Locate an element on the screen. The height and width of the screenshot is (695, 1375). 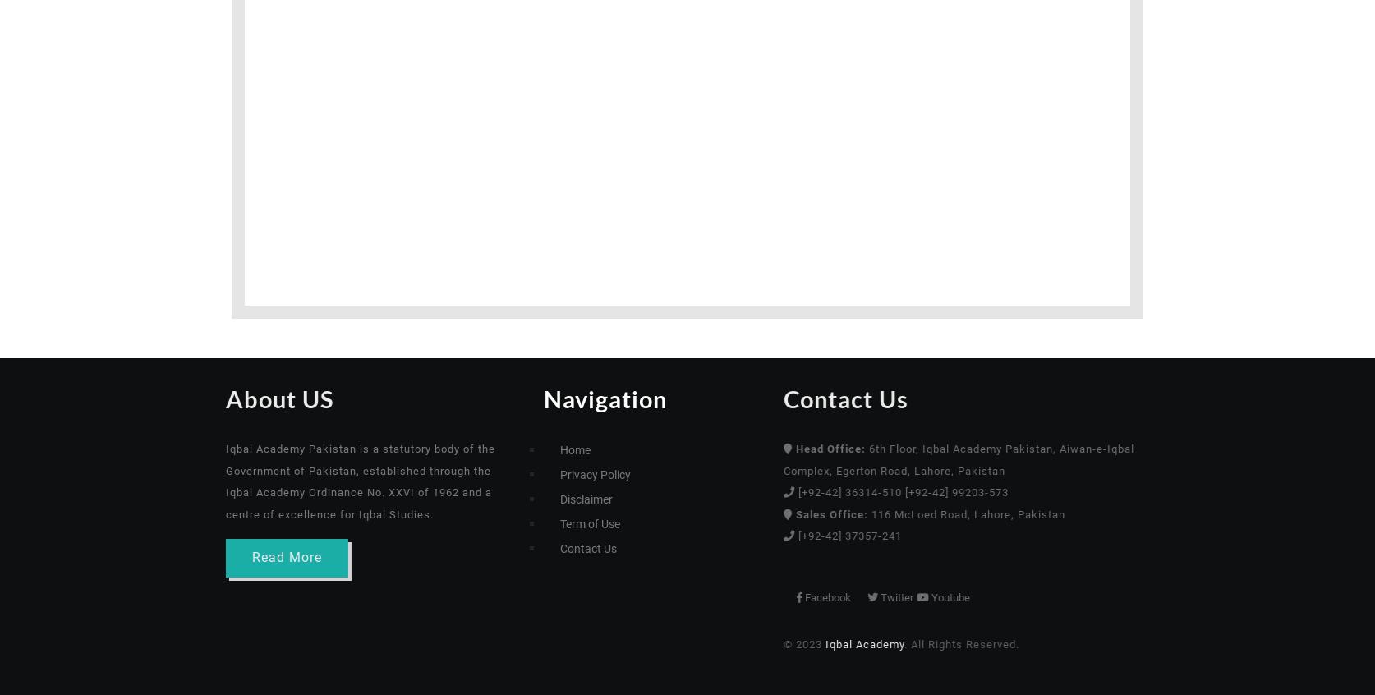
'Navigation' is located at coordinates (605, 398).